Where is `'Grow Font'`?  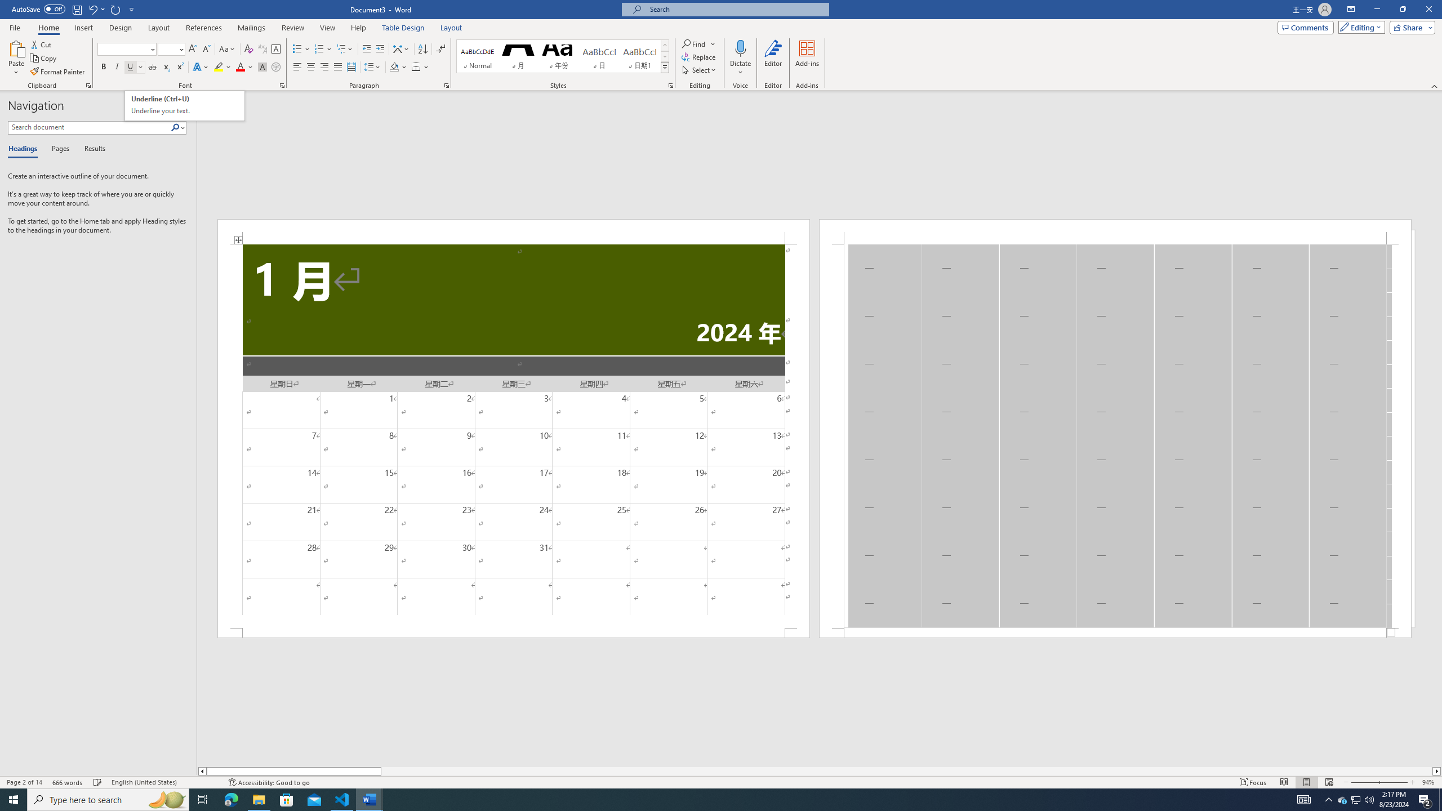 'Grow Font' is located at coordinates (192, 49).